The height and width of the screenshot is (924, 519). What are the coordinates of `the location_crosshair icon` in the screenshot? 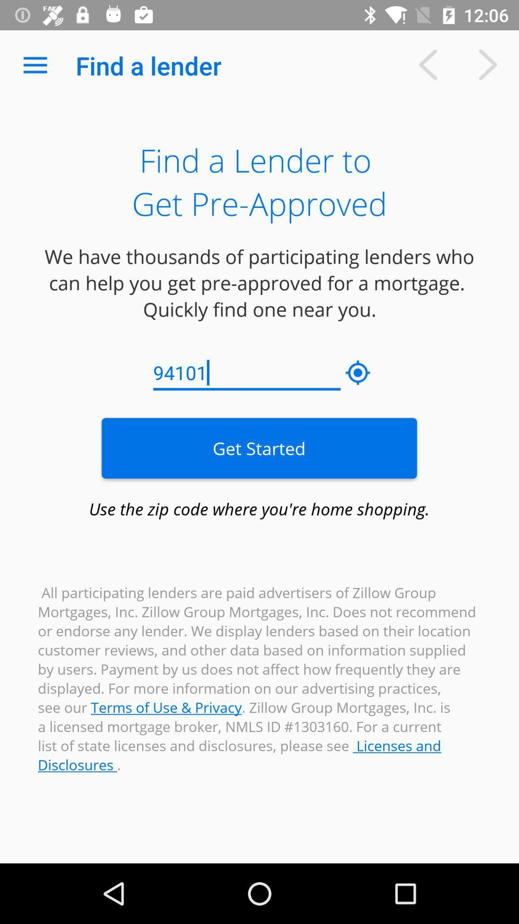 It's located at (358, 372).